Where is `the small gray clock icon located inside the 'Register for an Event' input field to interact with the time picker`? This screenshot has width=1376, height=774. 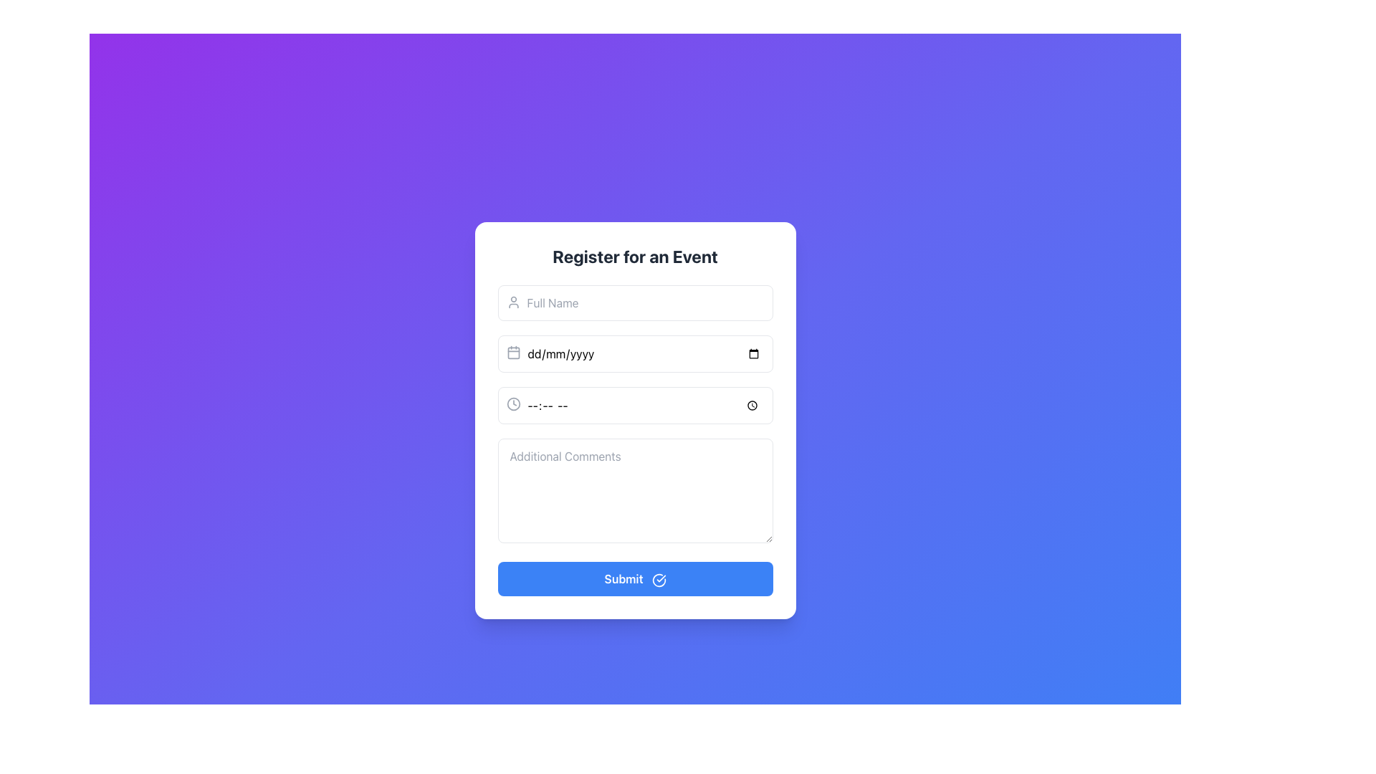
the small gray clock icon located inside the 'Register for an Event' input field to interact with the time picker is located at coordinates (513, 403).